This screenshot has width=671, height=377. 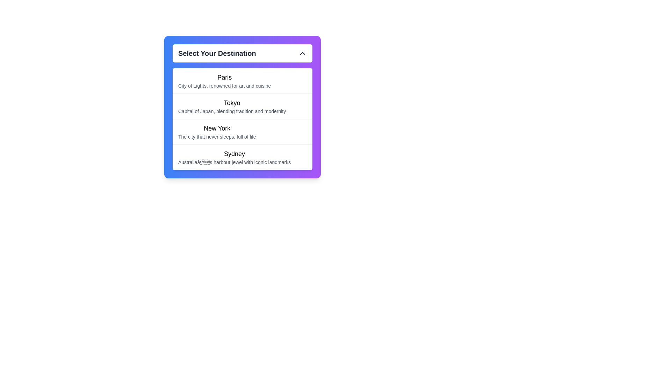 What do you see at coordinates (217, 137) in the screenshot?
I see `the text label displaying 'The city that never sleeps, full of life', which is part of the list entry for 'New York' and located directly below the larger title text` at bounding box center [217, 137].